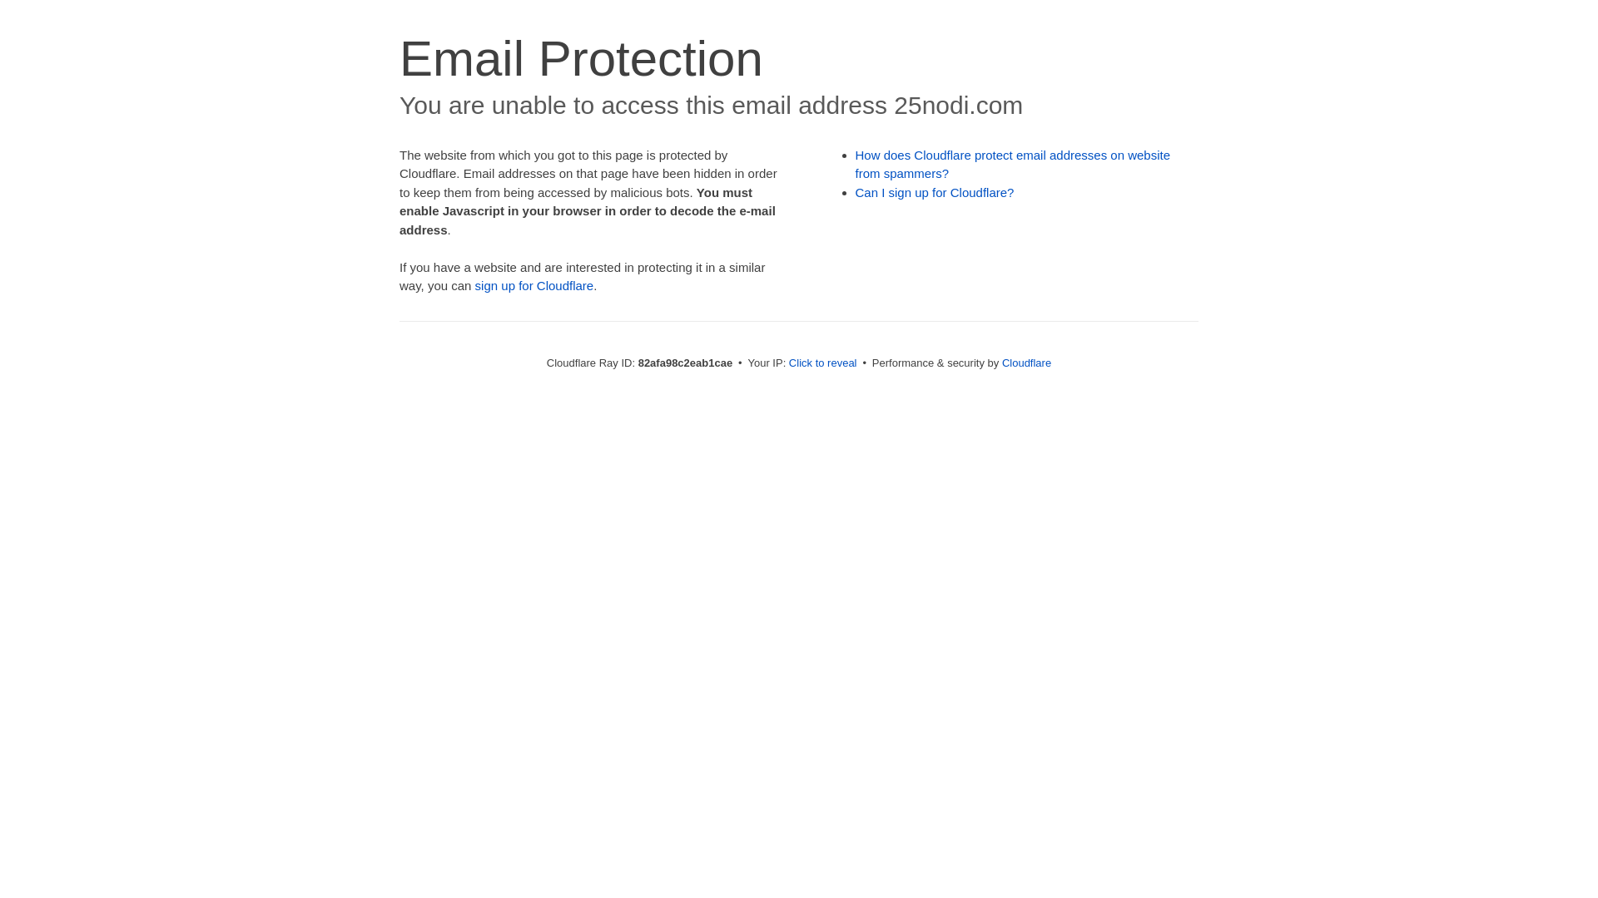  Describe the element at coordinates (822, 362) in the screenshot. I see `'Click to reveal'` at that location.